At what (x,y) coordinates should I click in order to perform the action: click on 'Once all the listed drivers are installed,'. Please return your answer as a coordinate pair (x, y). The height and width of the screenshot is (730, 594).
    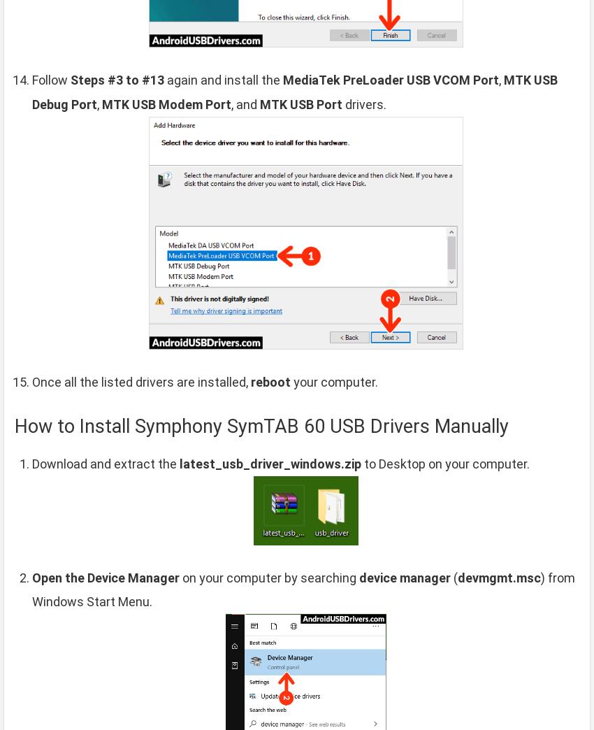
    Looking at the image, I should click on (140, 380).